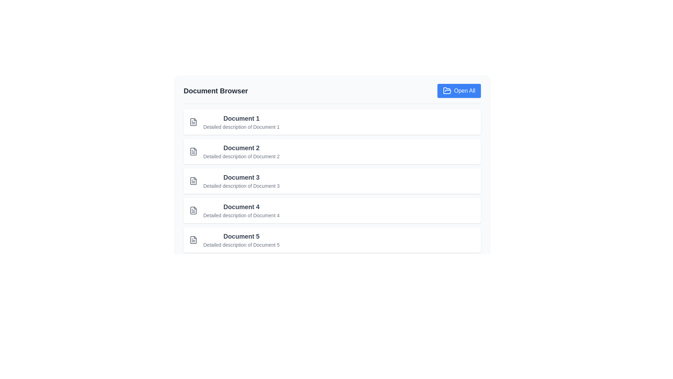 The image size is (673, 379). I want to click on the text block that serves as the card header for displaying document-specific information, located in the topmost slot of a vertically stacked list next to a document file icon, so click(241, 121).